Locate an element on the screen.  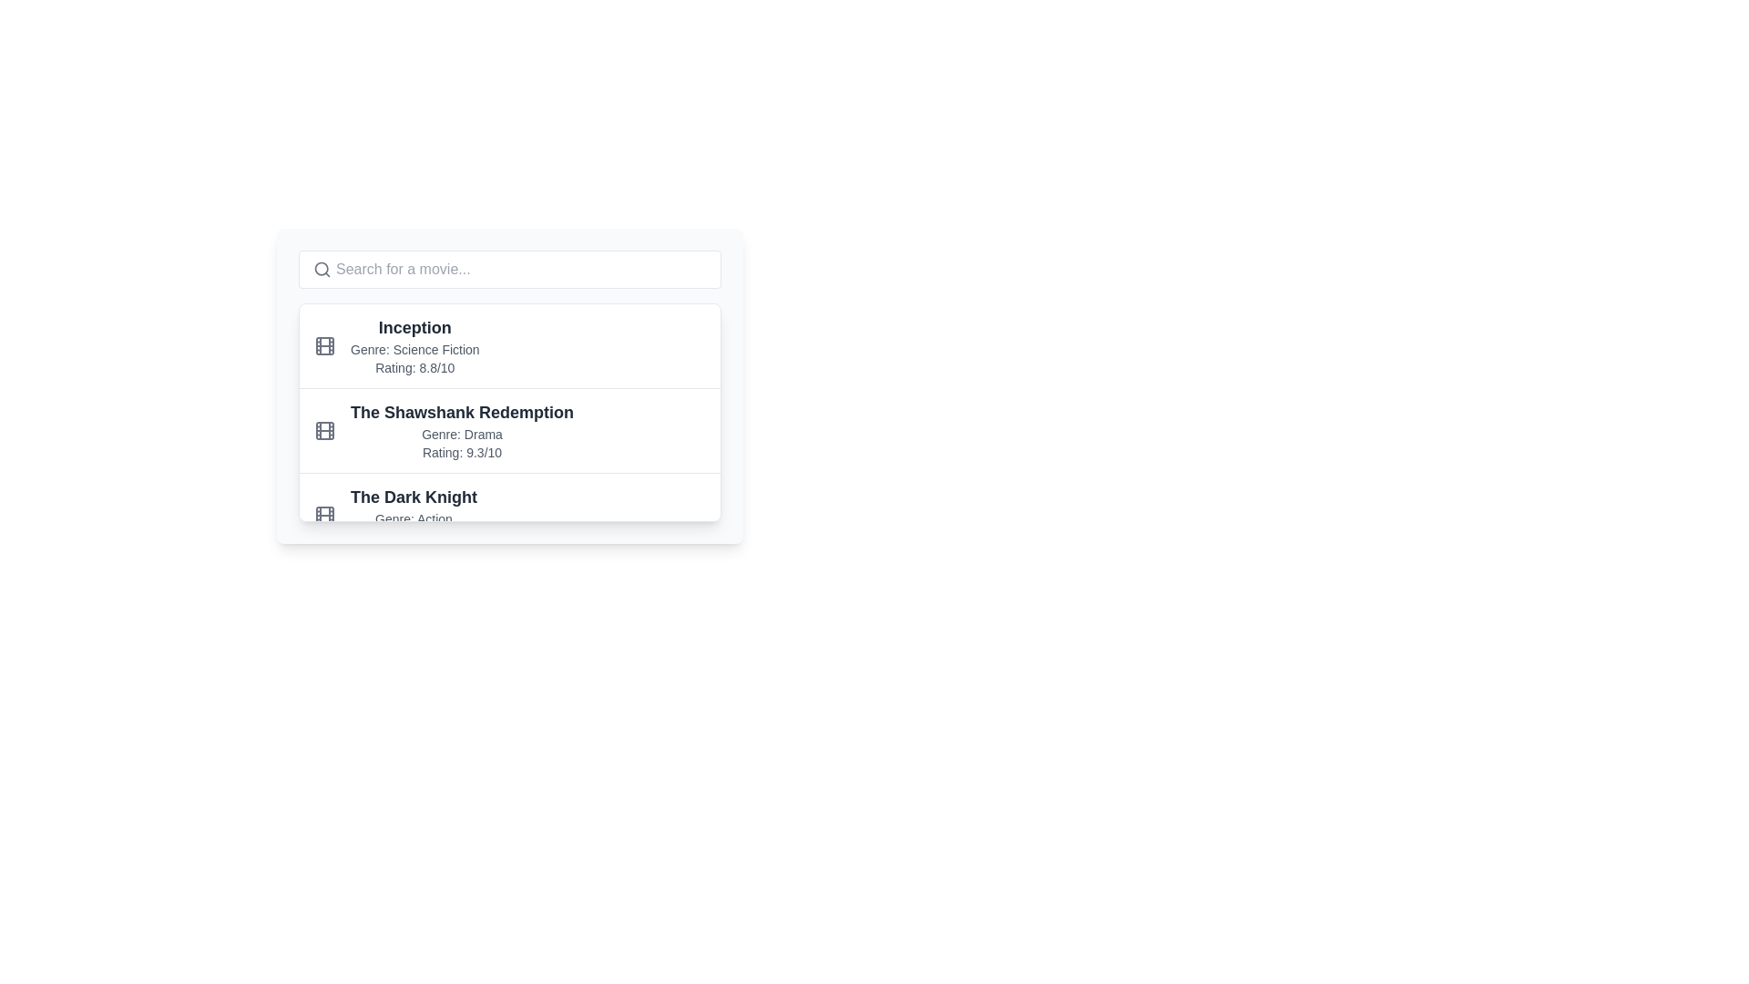
the movie entry card that displays its title, genre, and rating, which is the second entry in the list of movie cards is located at coordinates (510, 385).